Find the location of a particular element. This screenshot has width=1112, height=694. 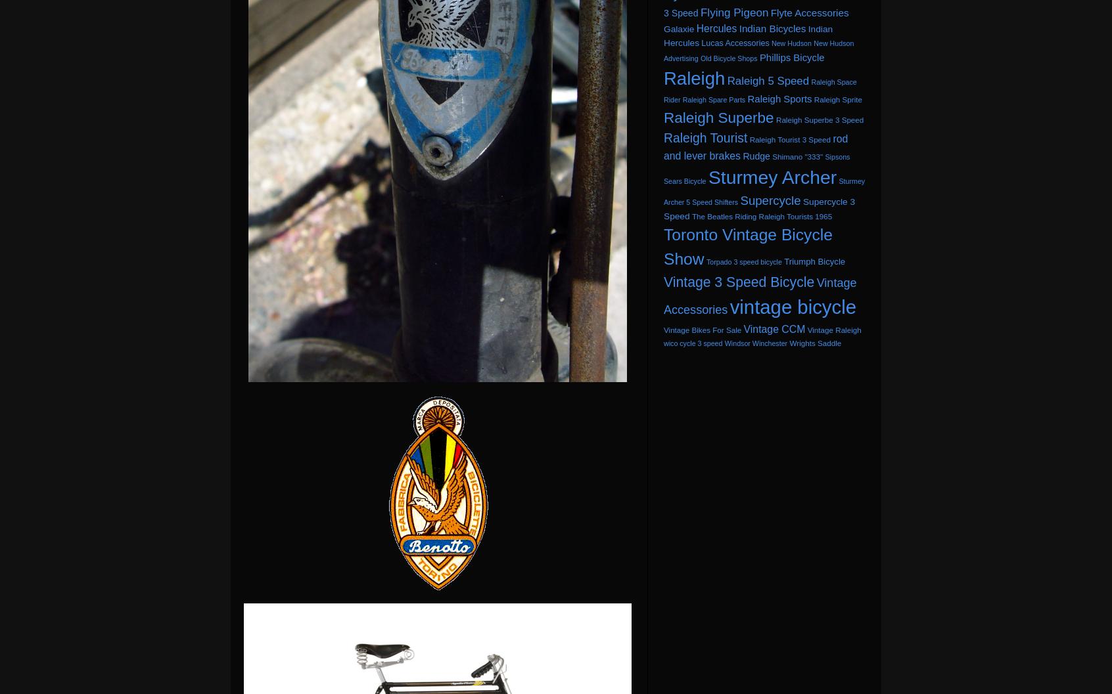

'wico cycle 3 speed' is located at coordinates (692, 343).